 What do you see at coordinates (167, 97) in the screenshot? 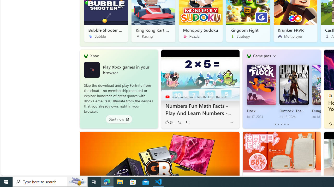
I see `'Penguin Gaming'` at bounding box center [167, 97].